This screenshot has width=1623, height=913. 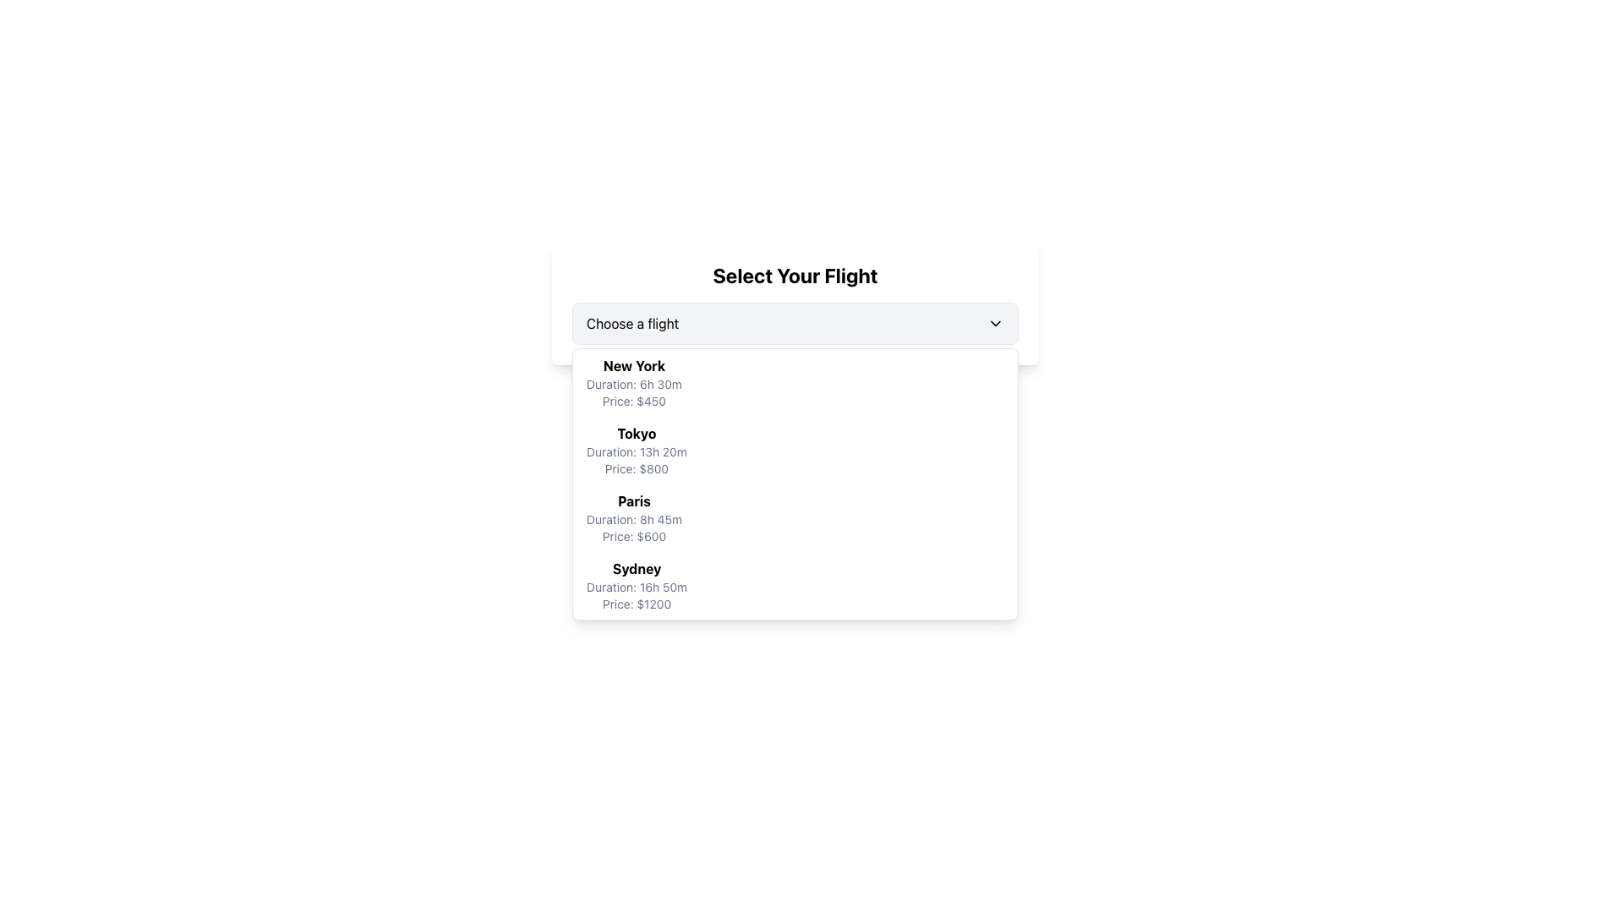 What do you see at coordinates (633, 382) in the screenshot?
I see `the first list item displaying travel information for the 'New York' flight option` at bounding box center [633, 382].